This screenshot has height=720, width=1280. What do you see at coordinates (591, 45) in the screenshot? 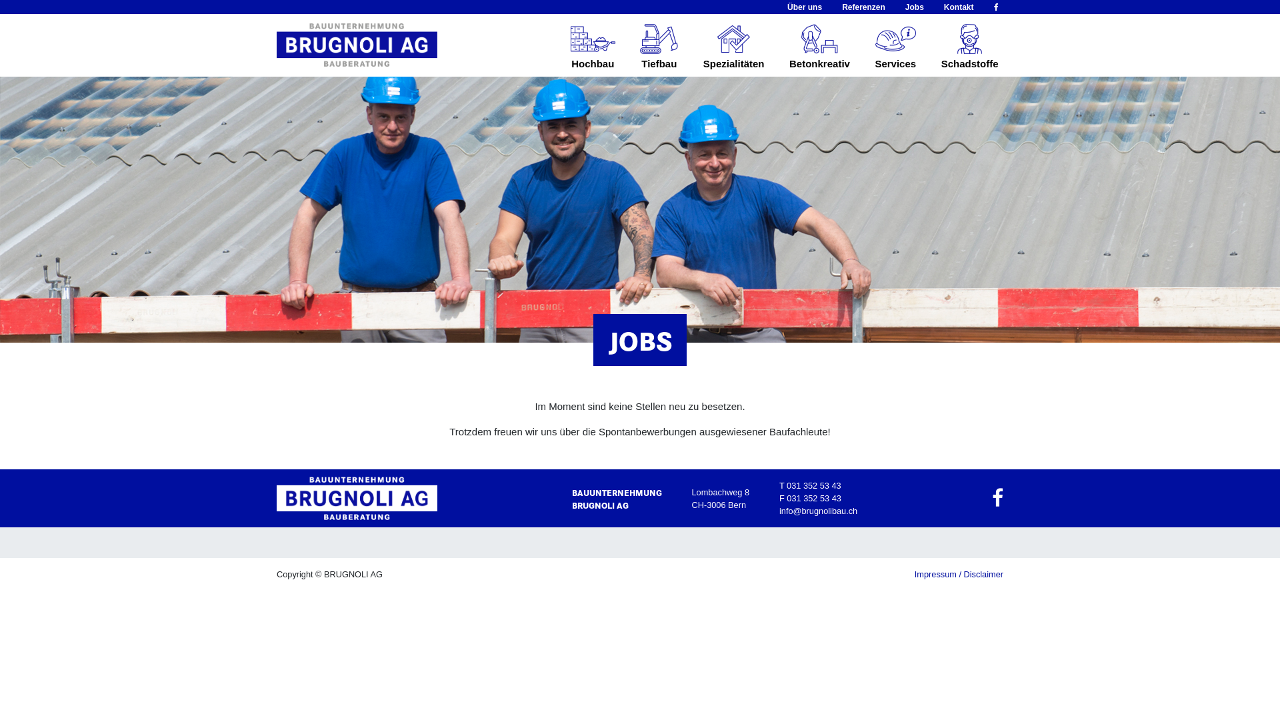
I see `'Hochbau'` at bounding box center [591, 45].